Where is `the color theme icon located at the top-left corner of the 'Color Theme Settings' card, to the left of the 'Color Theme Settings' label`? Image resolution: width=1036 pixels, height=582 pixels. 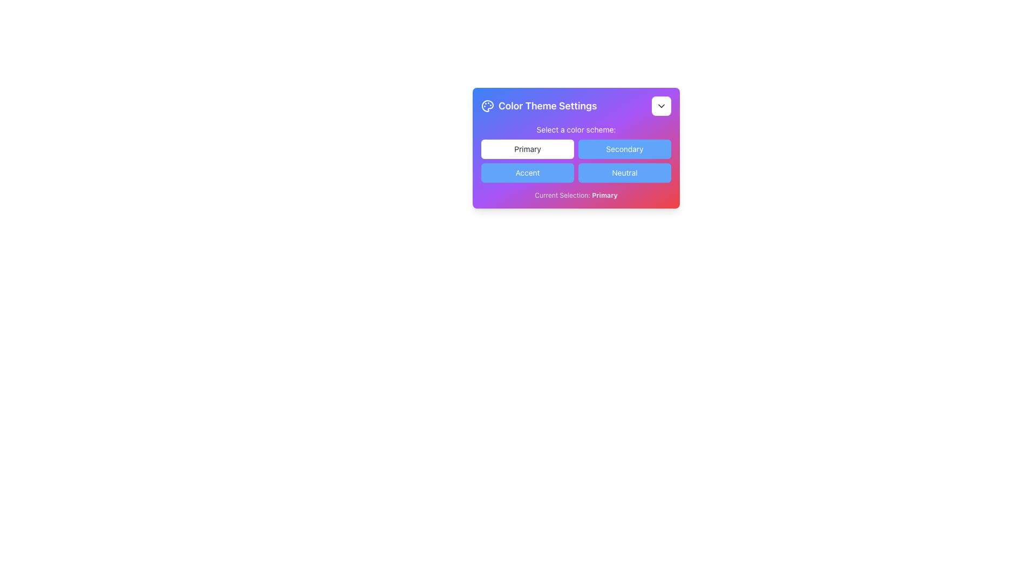 the color theme icon located at the top-left corner of the 'Color Theme Settings' card, to the left of the 'Color Theme Settings' label is located at coordinates (487, 106).